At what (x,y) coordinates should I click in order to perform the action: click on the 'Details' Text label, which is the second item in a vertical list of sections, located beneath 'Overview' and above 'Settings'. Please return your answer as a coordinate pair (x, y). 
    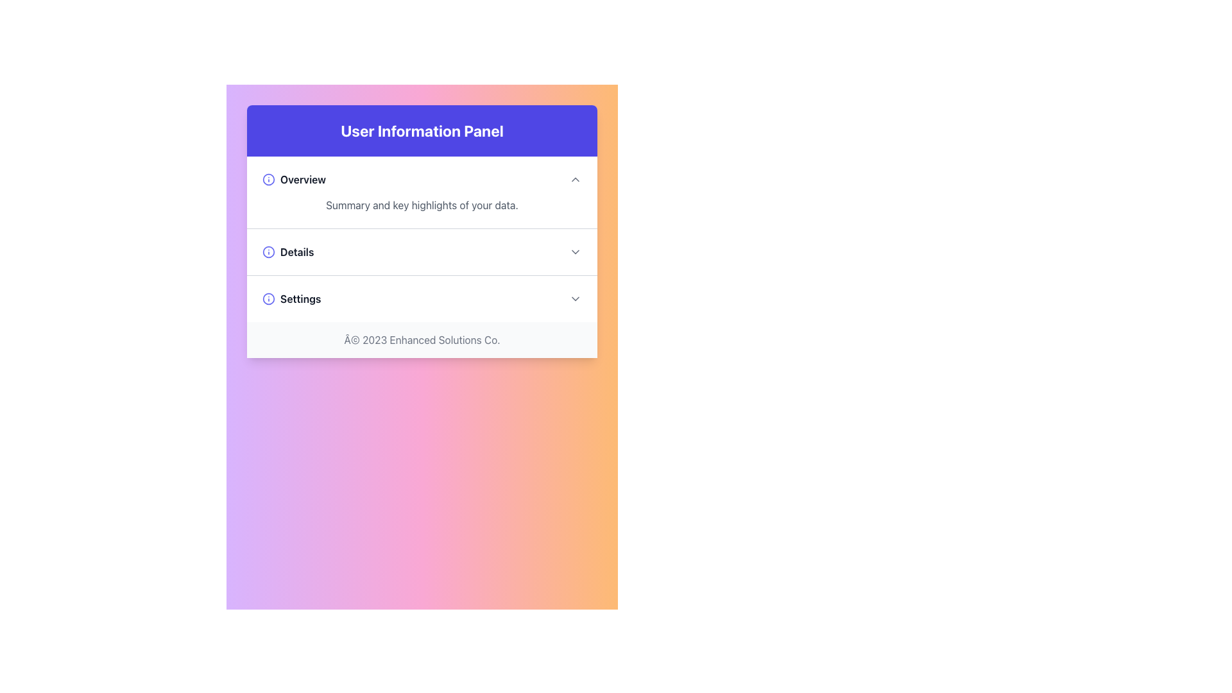
    Looking at the image, I should click on (287, 252).